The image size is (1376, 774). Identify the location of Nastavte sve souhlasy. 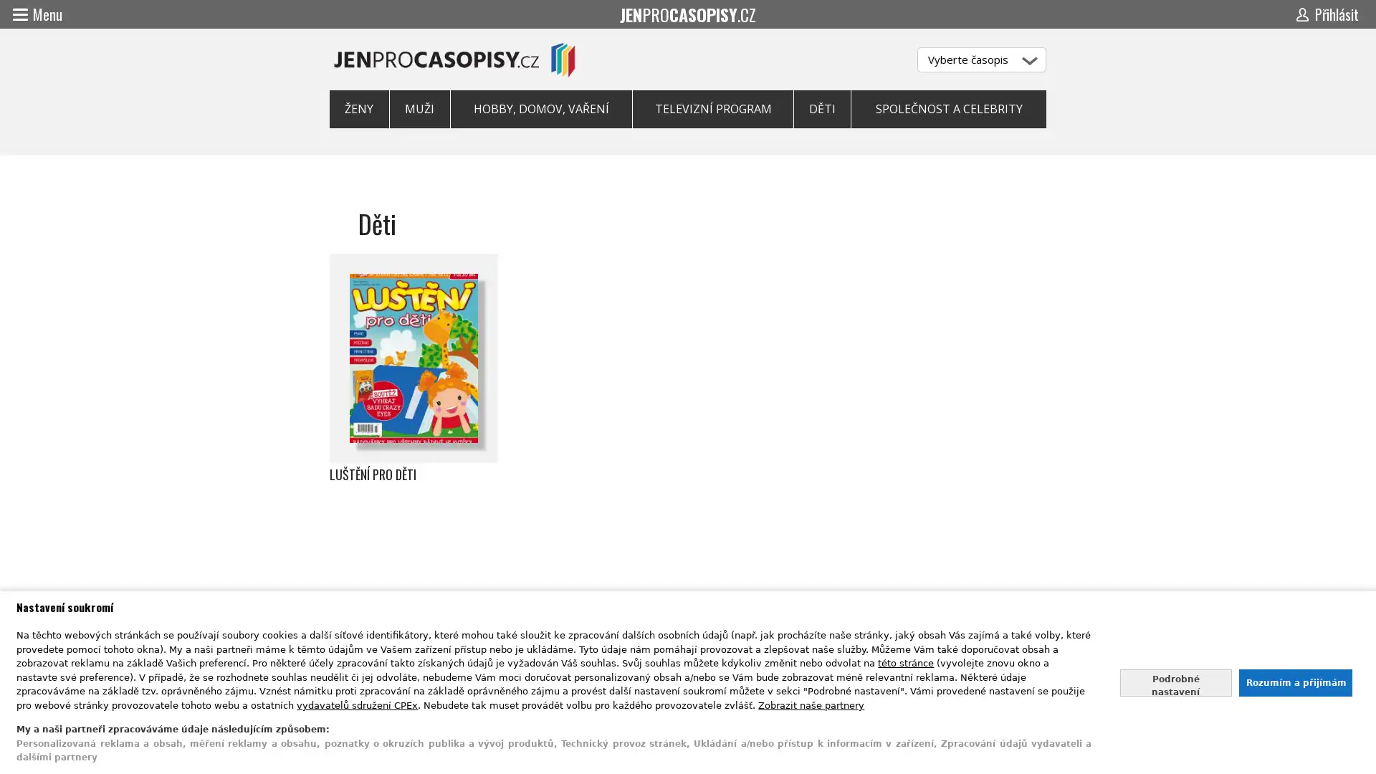
(1175, 682).